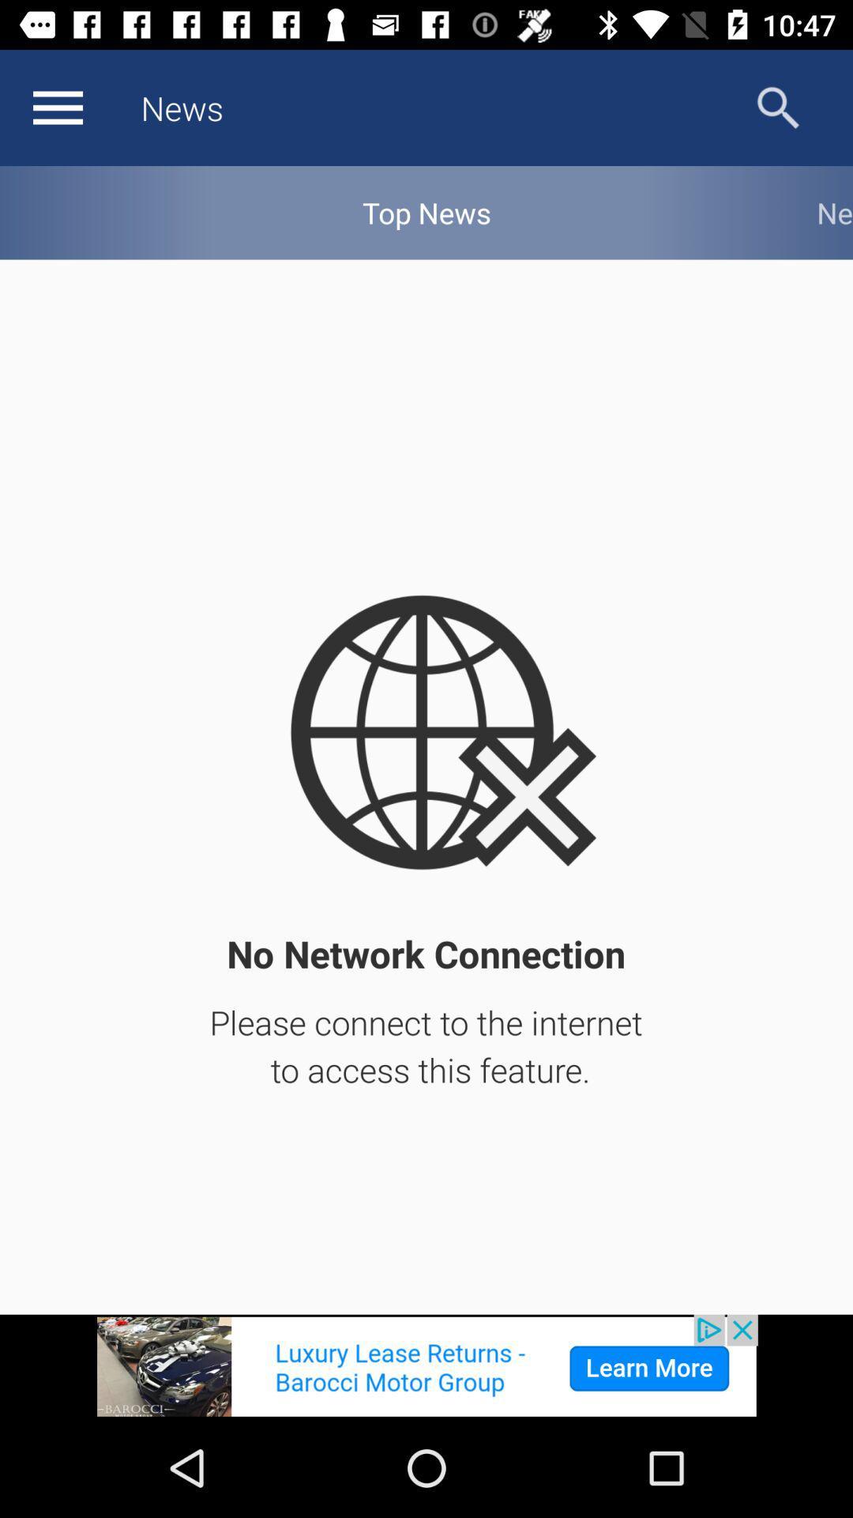 The height and width of the screenshot is (1518, 853). Describe the element at coordinates (777, 107) in the screenshot. I see `search` at that location.